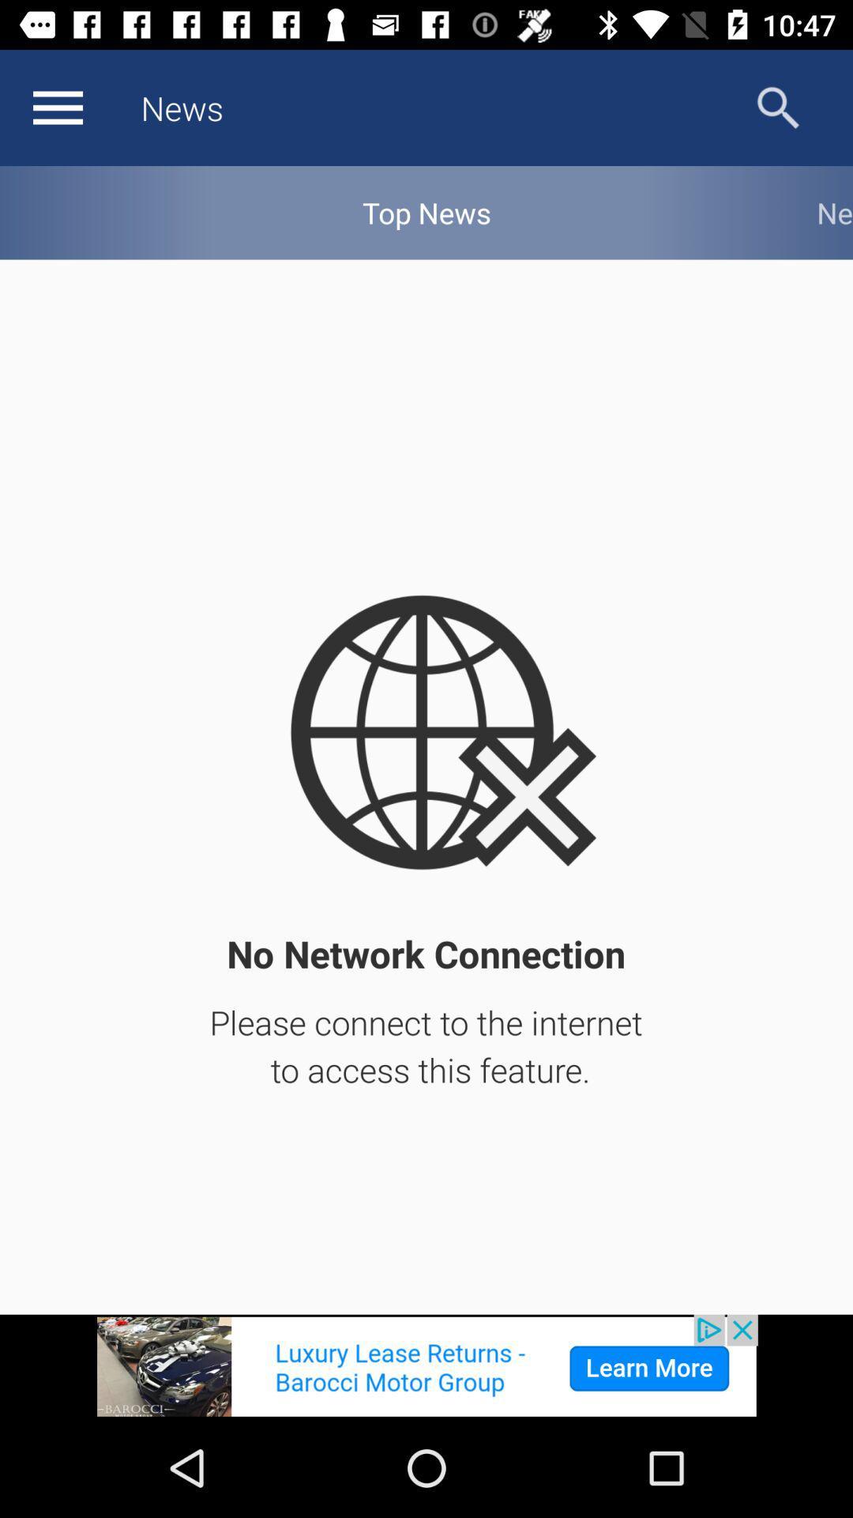 The height and width of the screenshot is (1518, 853). Describe the element at coordinates (777, 107) in the screenshot. I see `search` at that location.